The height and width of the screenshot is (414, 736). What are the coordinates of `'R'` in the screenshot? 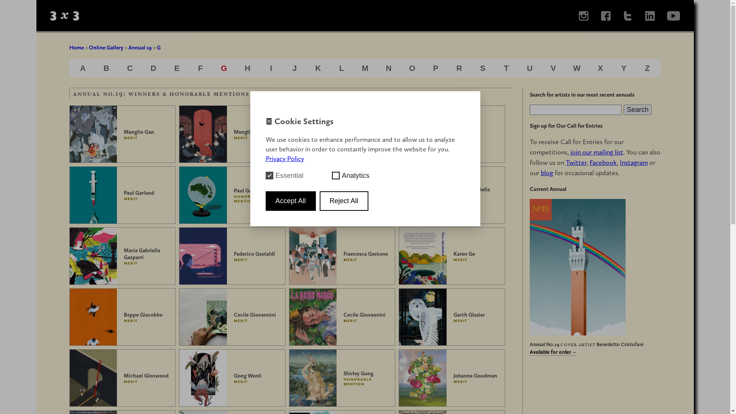 It's located at (459, 67).